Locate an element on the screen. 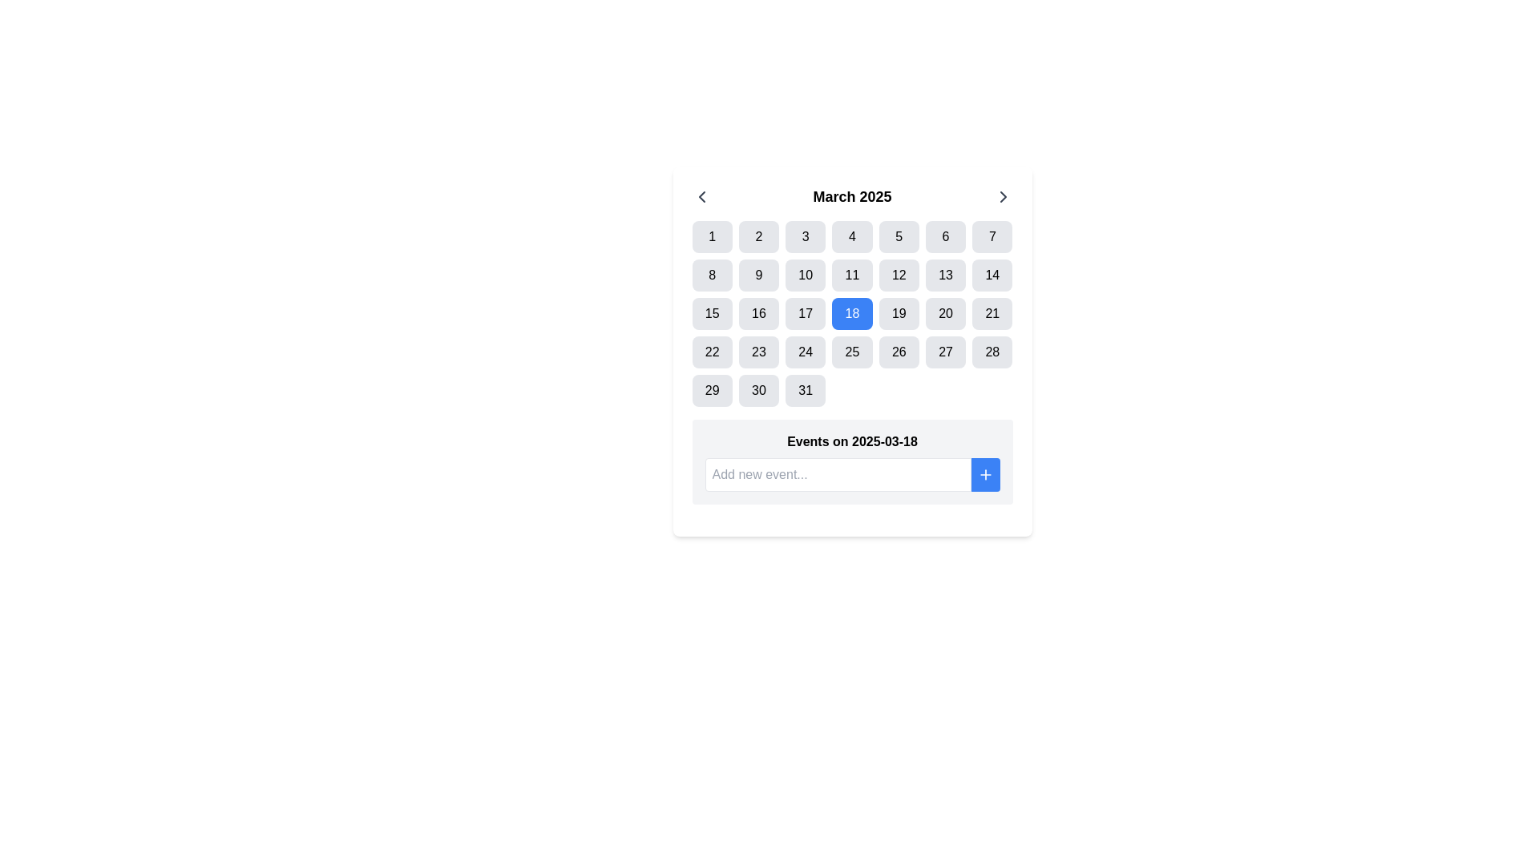  the square button with rounded corners displaying the number '20' in bold black font is located at coordinates (946, 314).